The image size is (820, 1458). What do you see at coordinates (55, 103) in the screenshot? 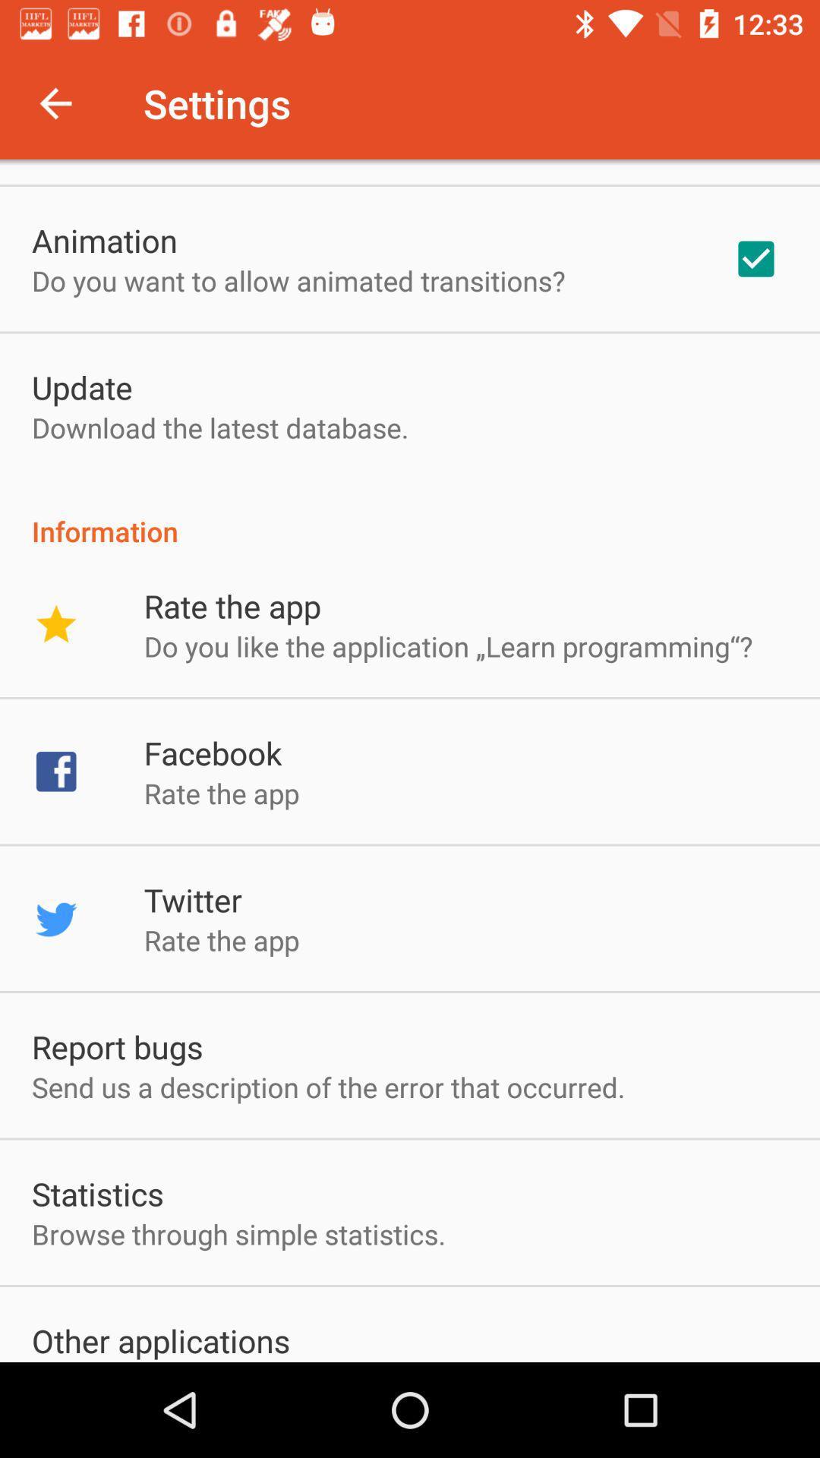
I see `item to the left of the settings app` at bounding box center [55, 103].